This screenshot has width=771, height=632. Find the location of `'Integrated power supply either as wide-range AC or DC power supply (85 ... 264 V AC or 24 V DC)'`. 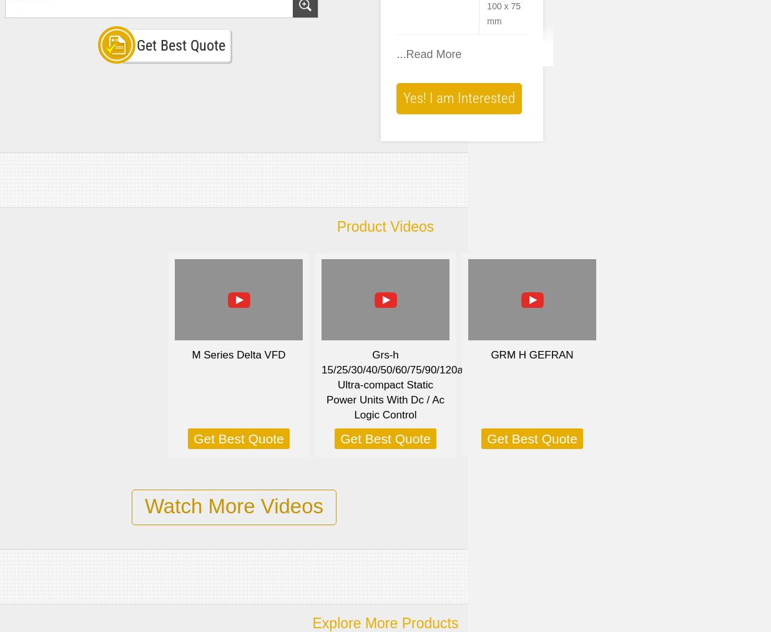

'Integrated power supply either as wide-range AC or DC power supply (85 ... 264 V AC or 24 V DC)' is located at coordinates (470, 161).